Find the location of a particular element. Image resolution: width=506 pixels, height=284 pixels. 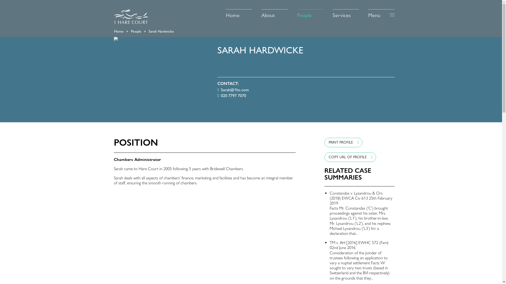

'About' is located at coordinates (274, 13).